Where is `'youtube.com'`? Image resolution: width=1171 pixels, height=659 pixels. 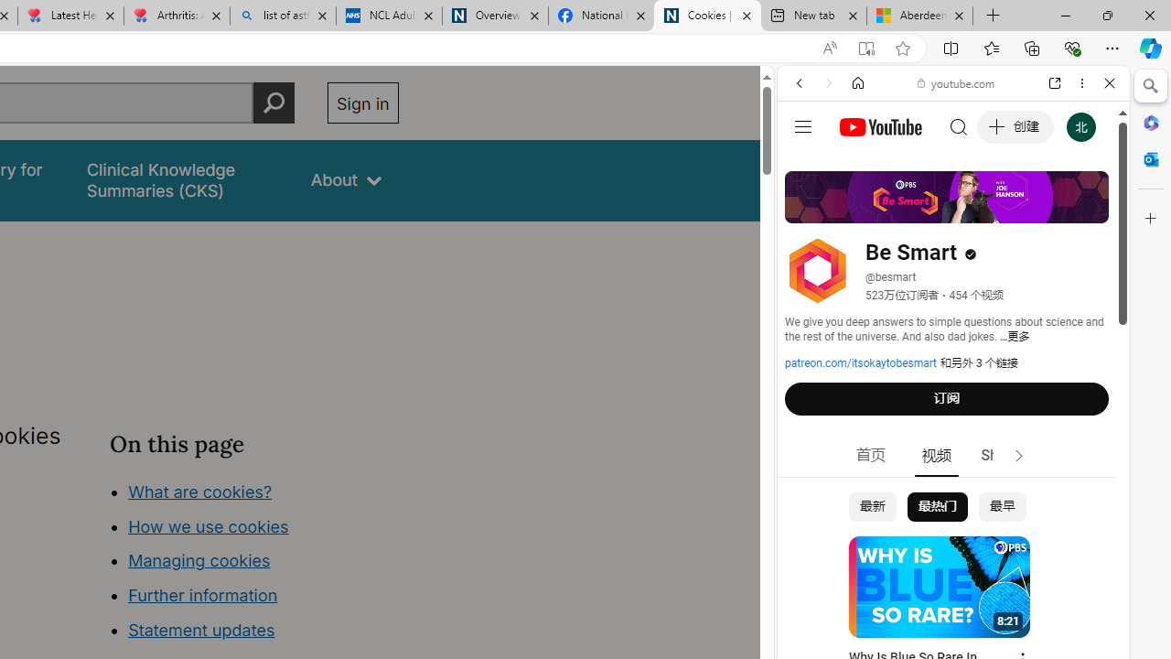
'youtube.com' is located at coordinates (956, 83).